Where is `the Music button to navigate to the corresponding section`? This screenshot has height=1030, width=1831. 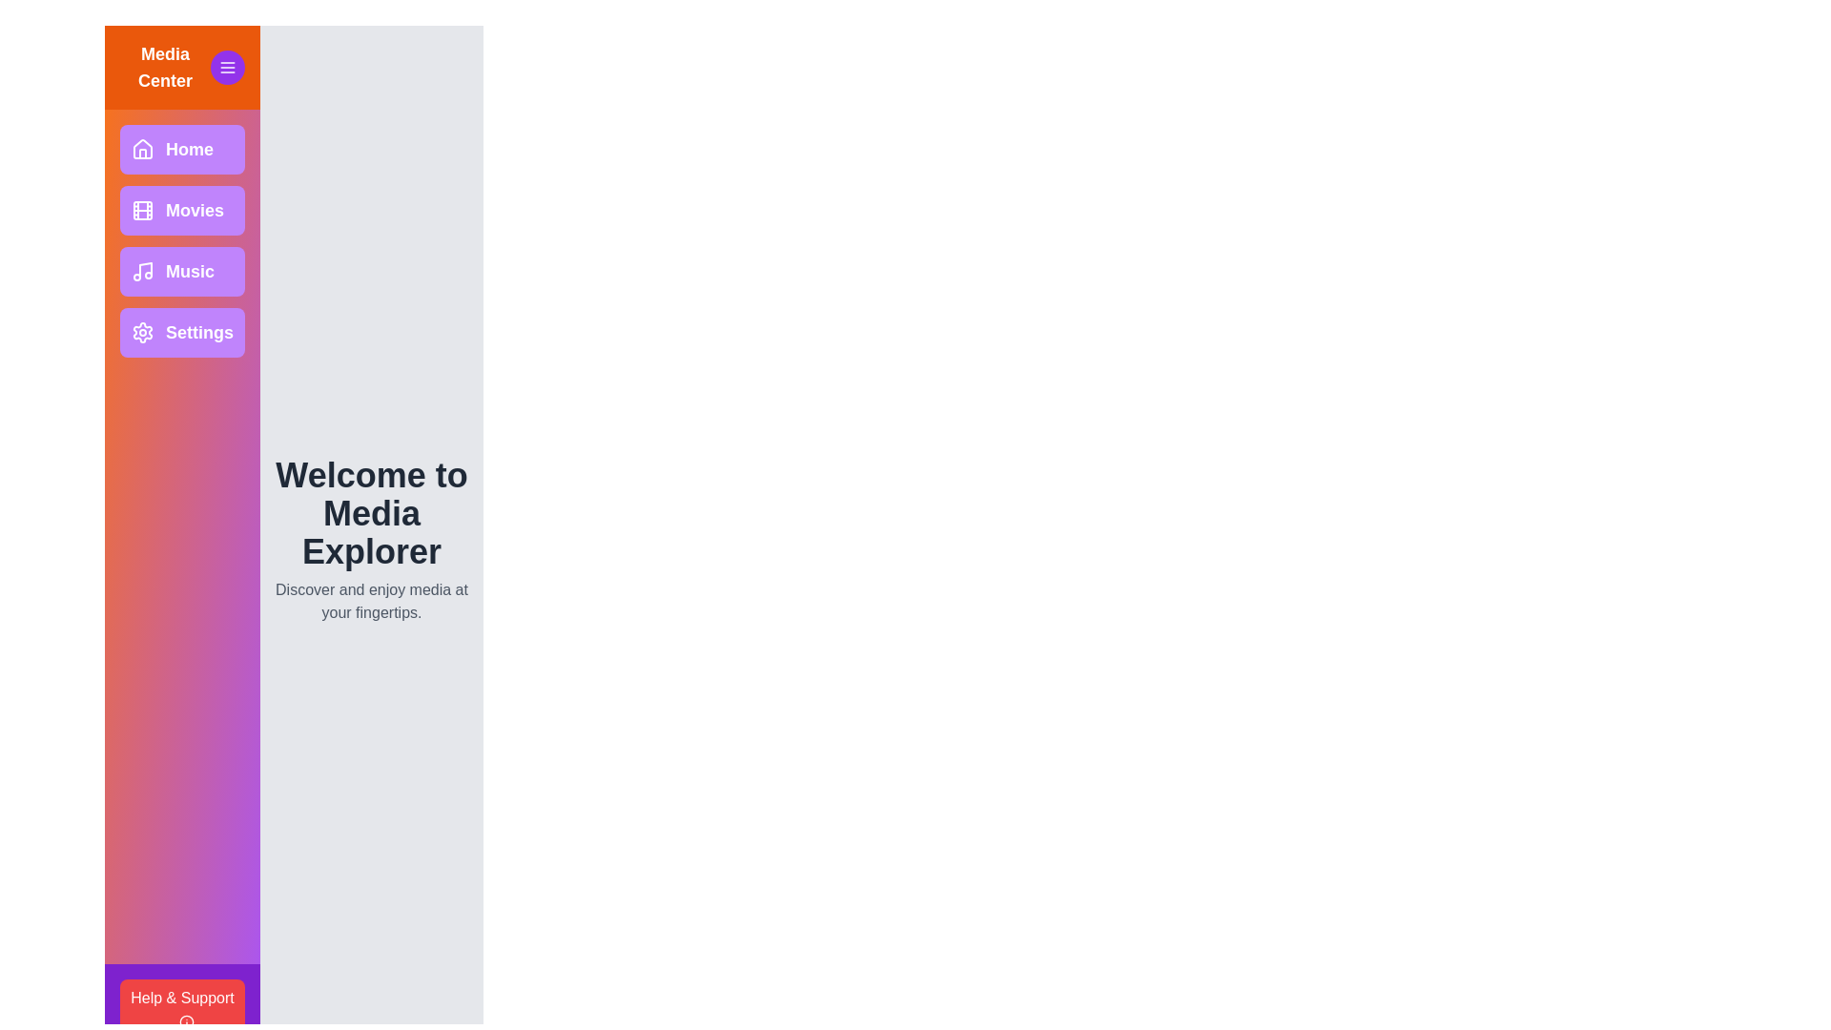 the Music button to navigate to the corresponding section is located at coordinates (182, 272).